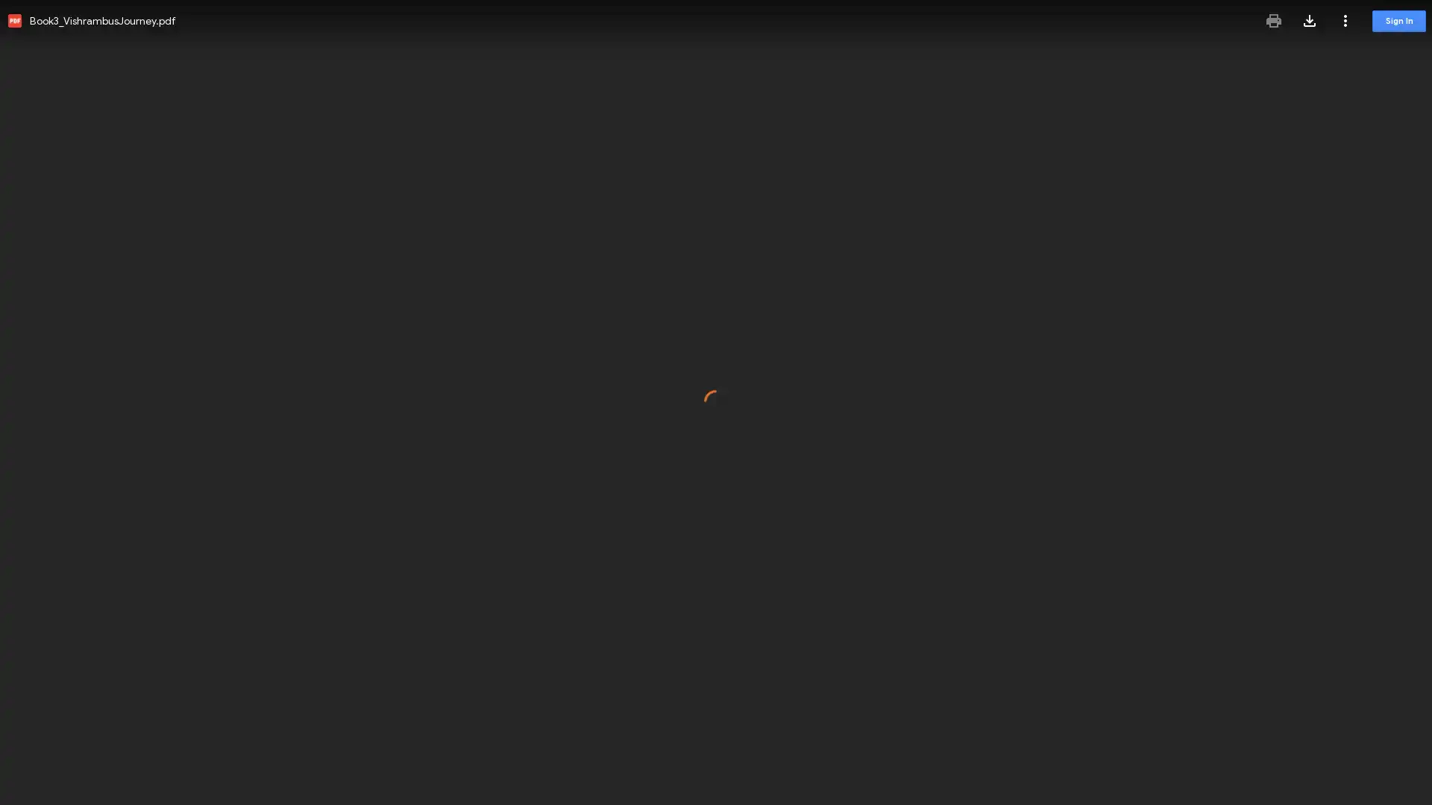 The image size is (1432, 805). What do you see at coordinates (1273, 20) in the screenshot?
I see `Printing not yet available` at bounding box center [1273, 20].